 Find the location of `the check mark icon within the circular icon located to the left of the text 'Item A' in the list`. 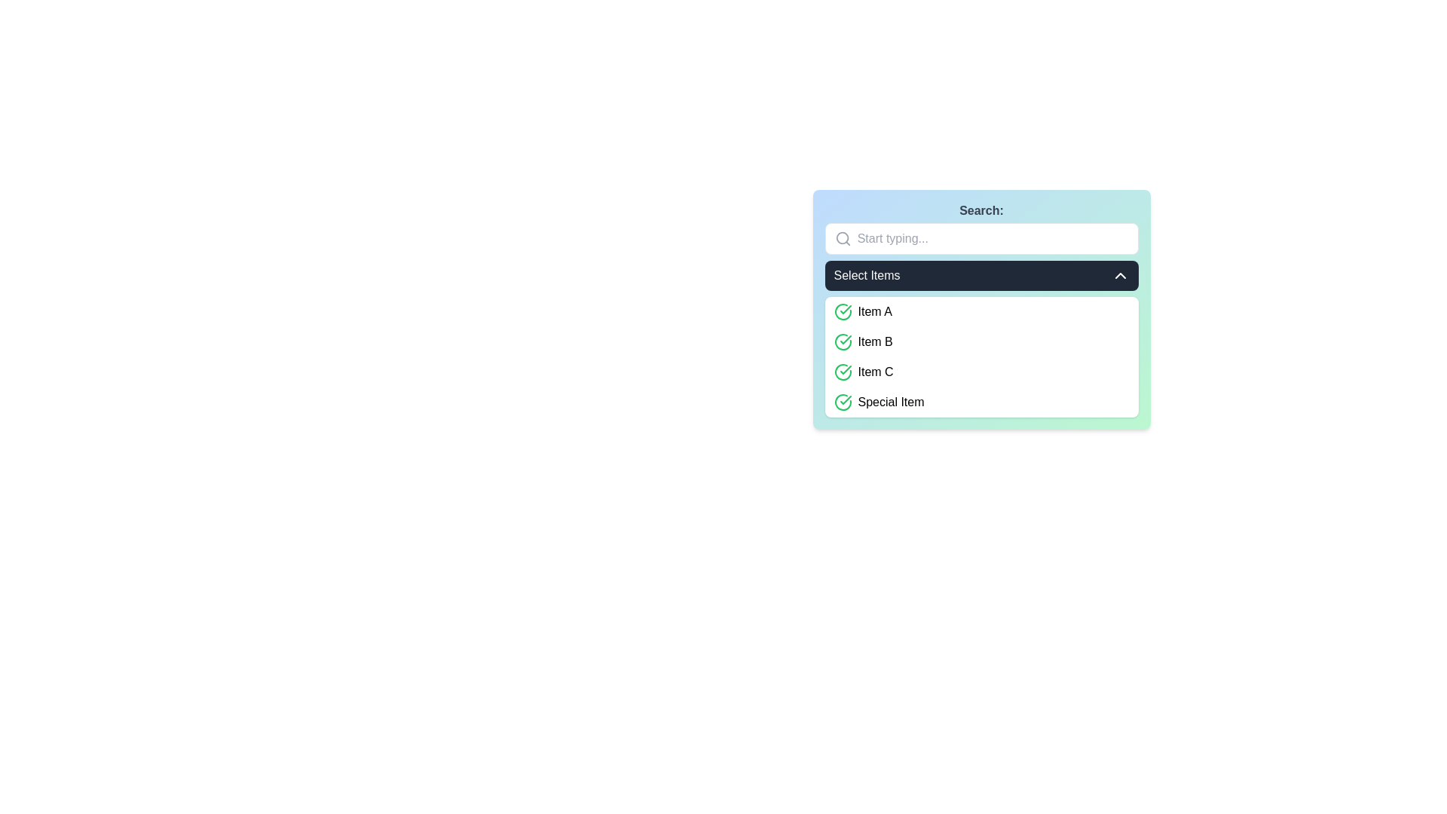

the check mark icon within the circular icon located to the left of the text 'Item A' in the list is located at coordinates (846, 340).